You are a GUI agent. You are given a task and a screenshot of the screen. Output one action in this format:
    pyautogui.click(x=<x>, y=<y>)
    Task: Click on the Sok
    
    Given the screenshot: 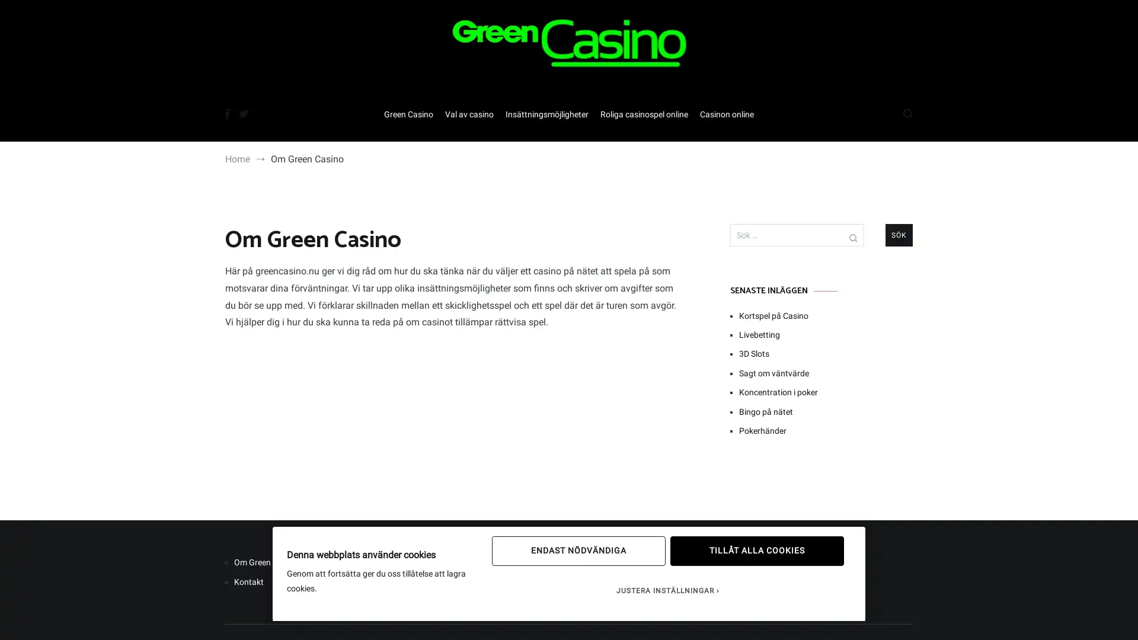 What is the action you would take?
    pyautogui.click(x=899, y=235)
    